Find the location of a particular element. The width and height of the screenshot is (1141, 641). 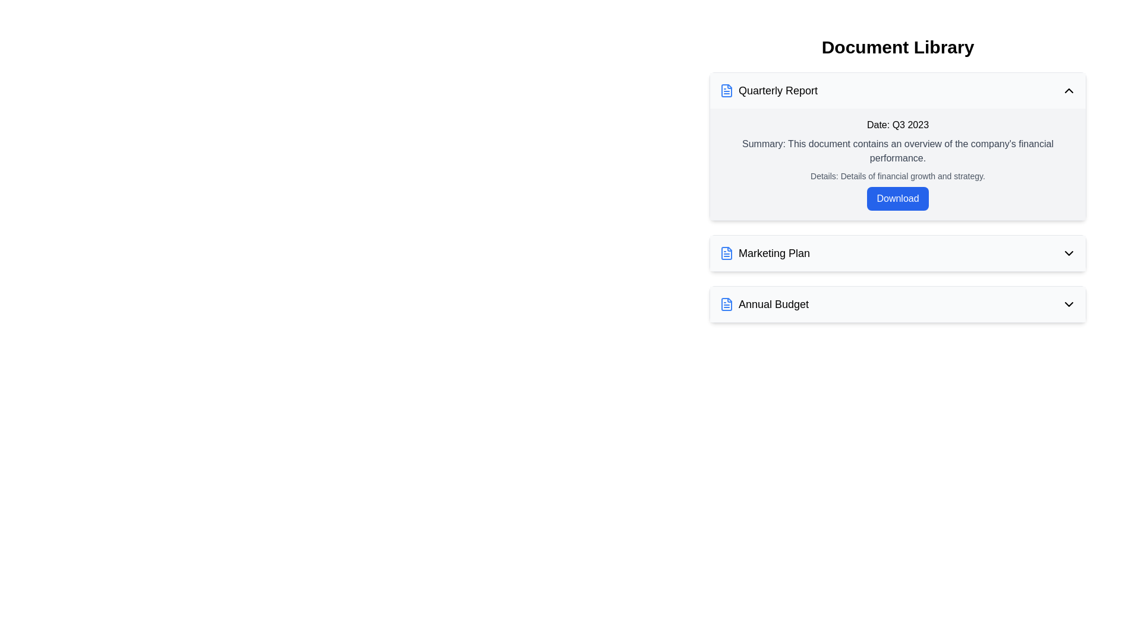

the 'Annual Budget' labeled icon is located at coordinates (764, 304).